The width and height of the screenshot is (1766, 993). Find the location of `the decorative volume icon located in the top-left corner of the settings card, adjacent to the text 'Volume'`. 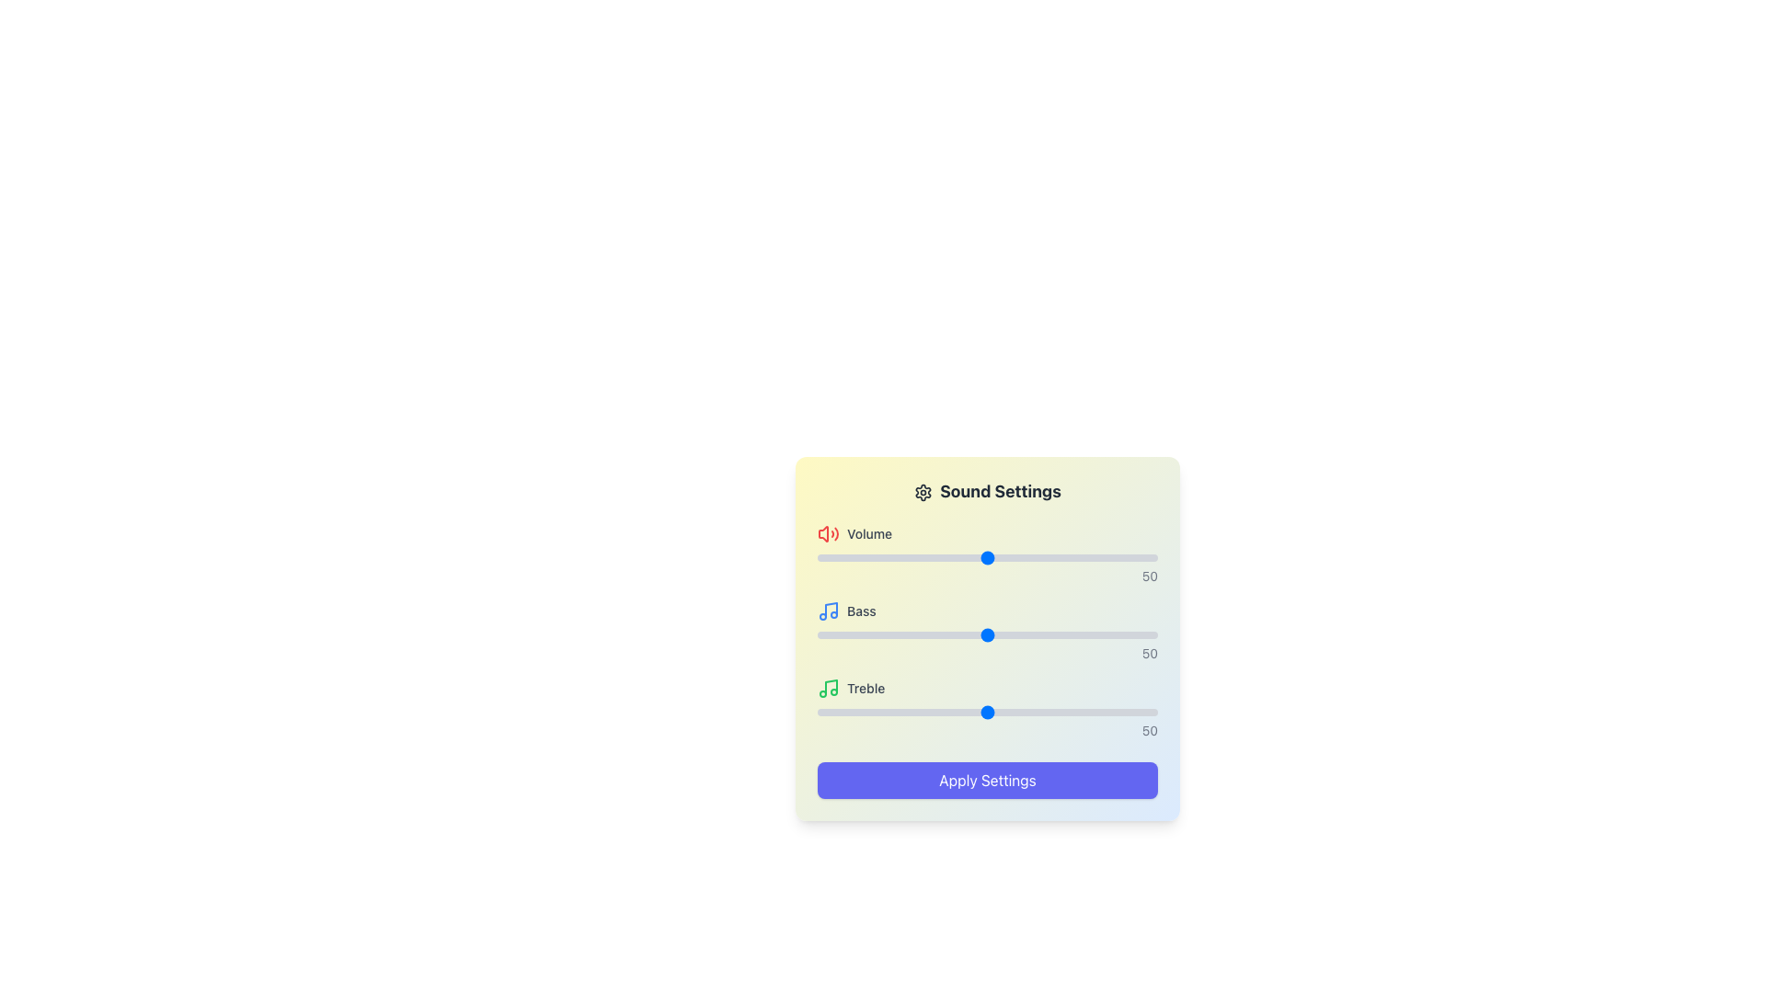

the decorative volume icon located in the top-left corner of the settings card, adjacent to the text 'Volume' is located at coordinates (822, 534).